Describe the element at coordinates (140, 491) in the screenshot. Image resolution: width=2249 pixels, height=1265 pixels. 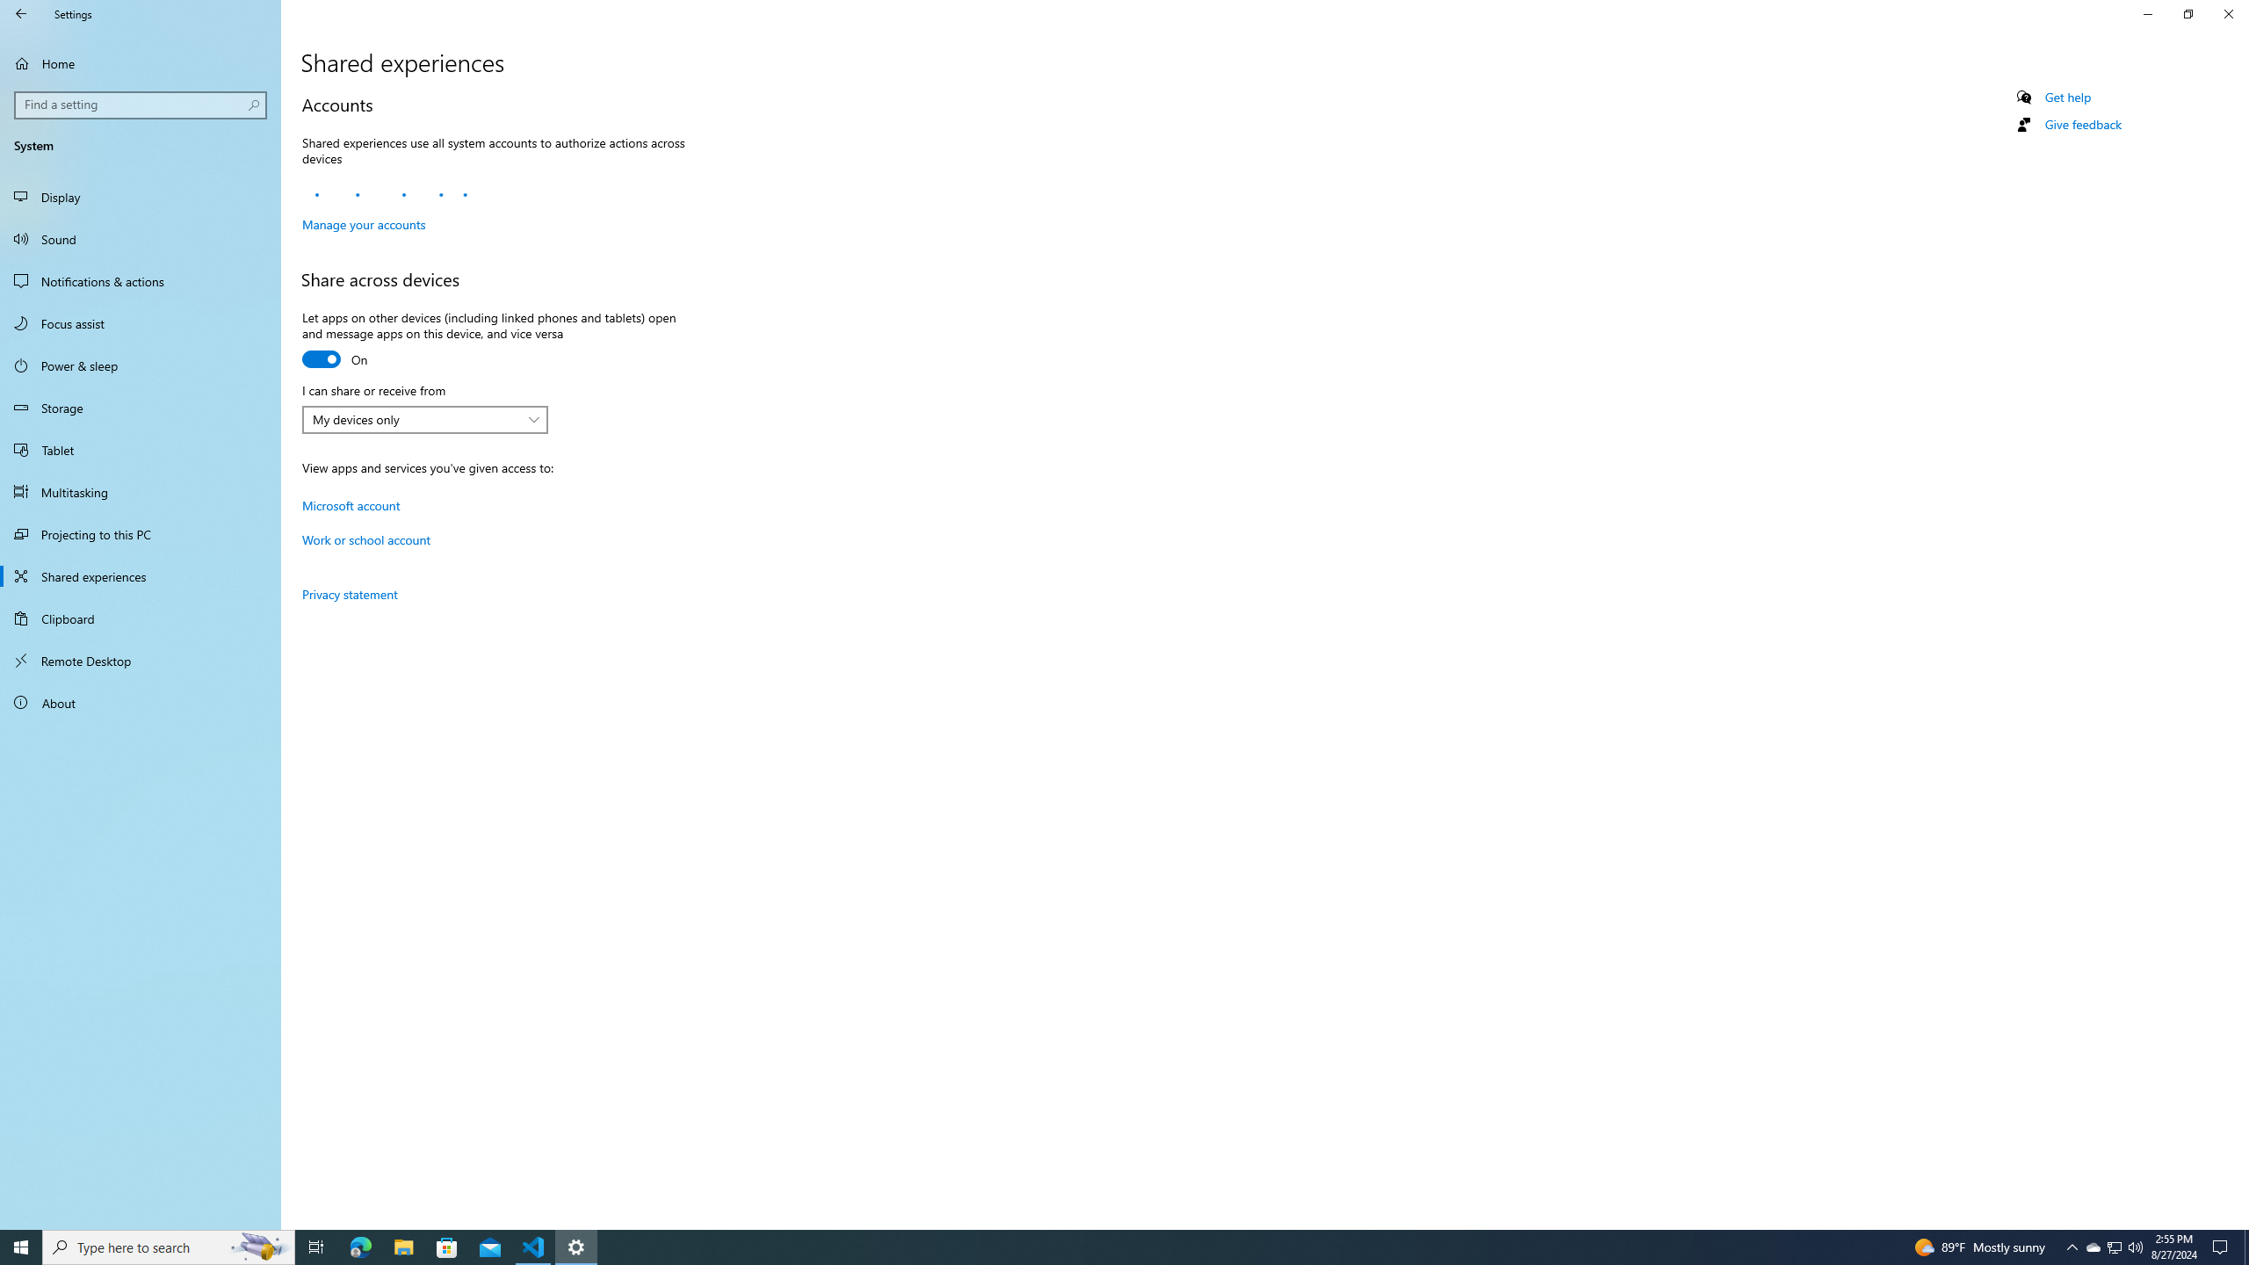
I see `'Multitasking'` at that location.